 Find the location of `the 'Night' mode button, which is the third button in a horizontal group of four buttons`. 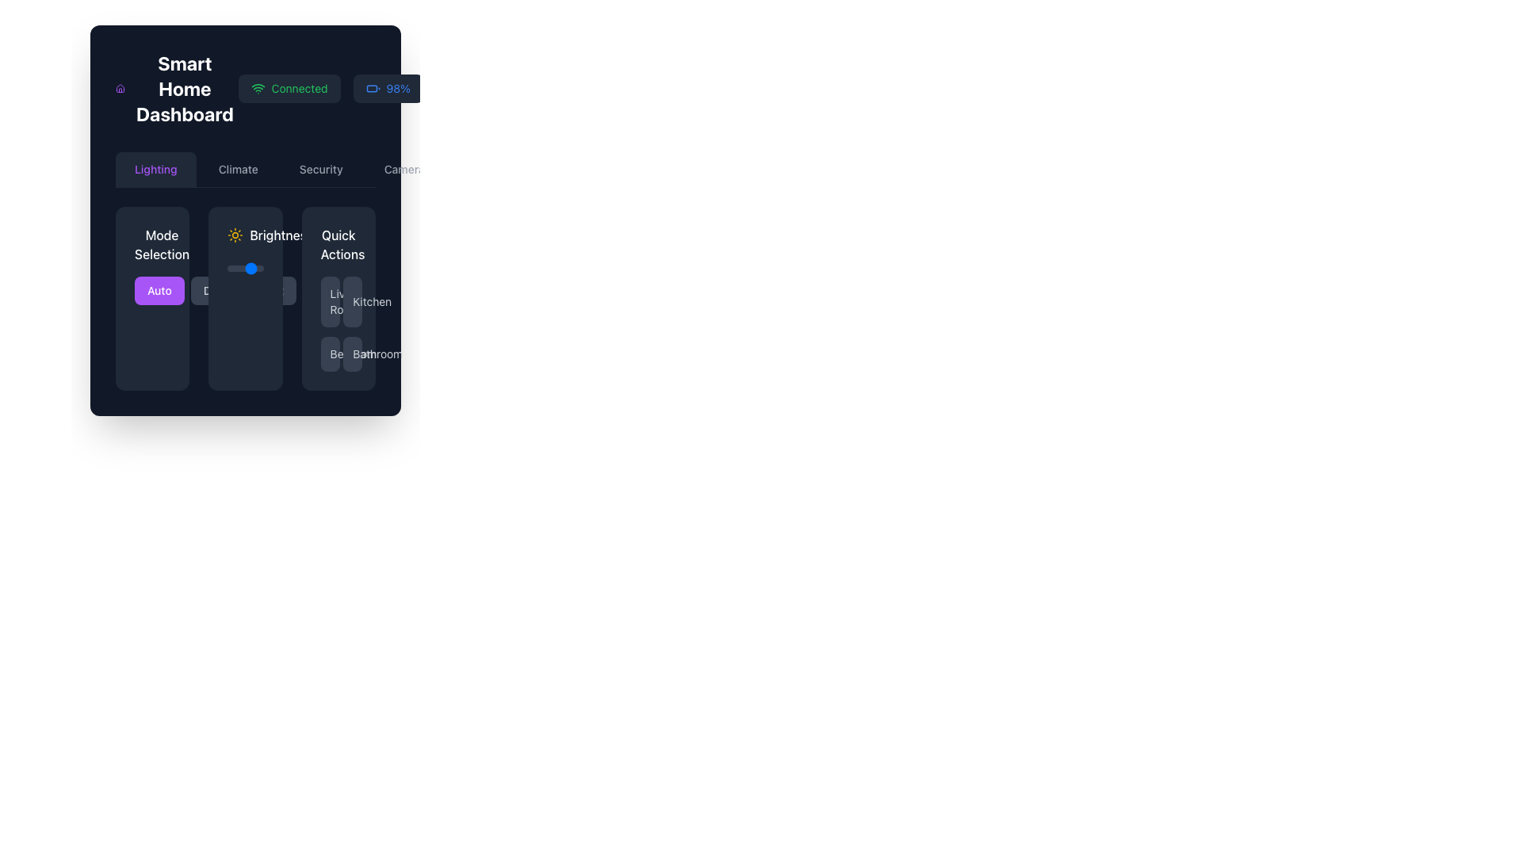

the 'Night' mode button, which is the third button in a horizontal group of four buttons is located at coordinates (270, 290).